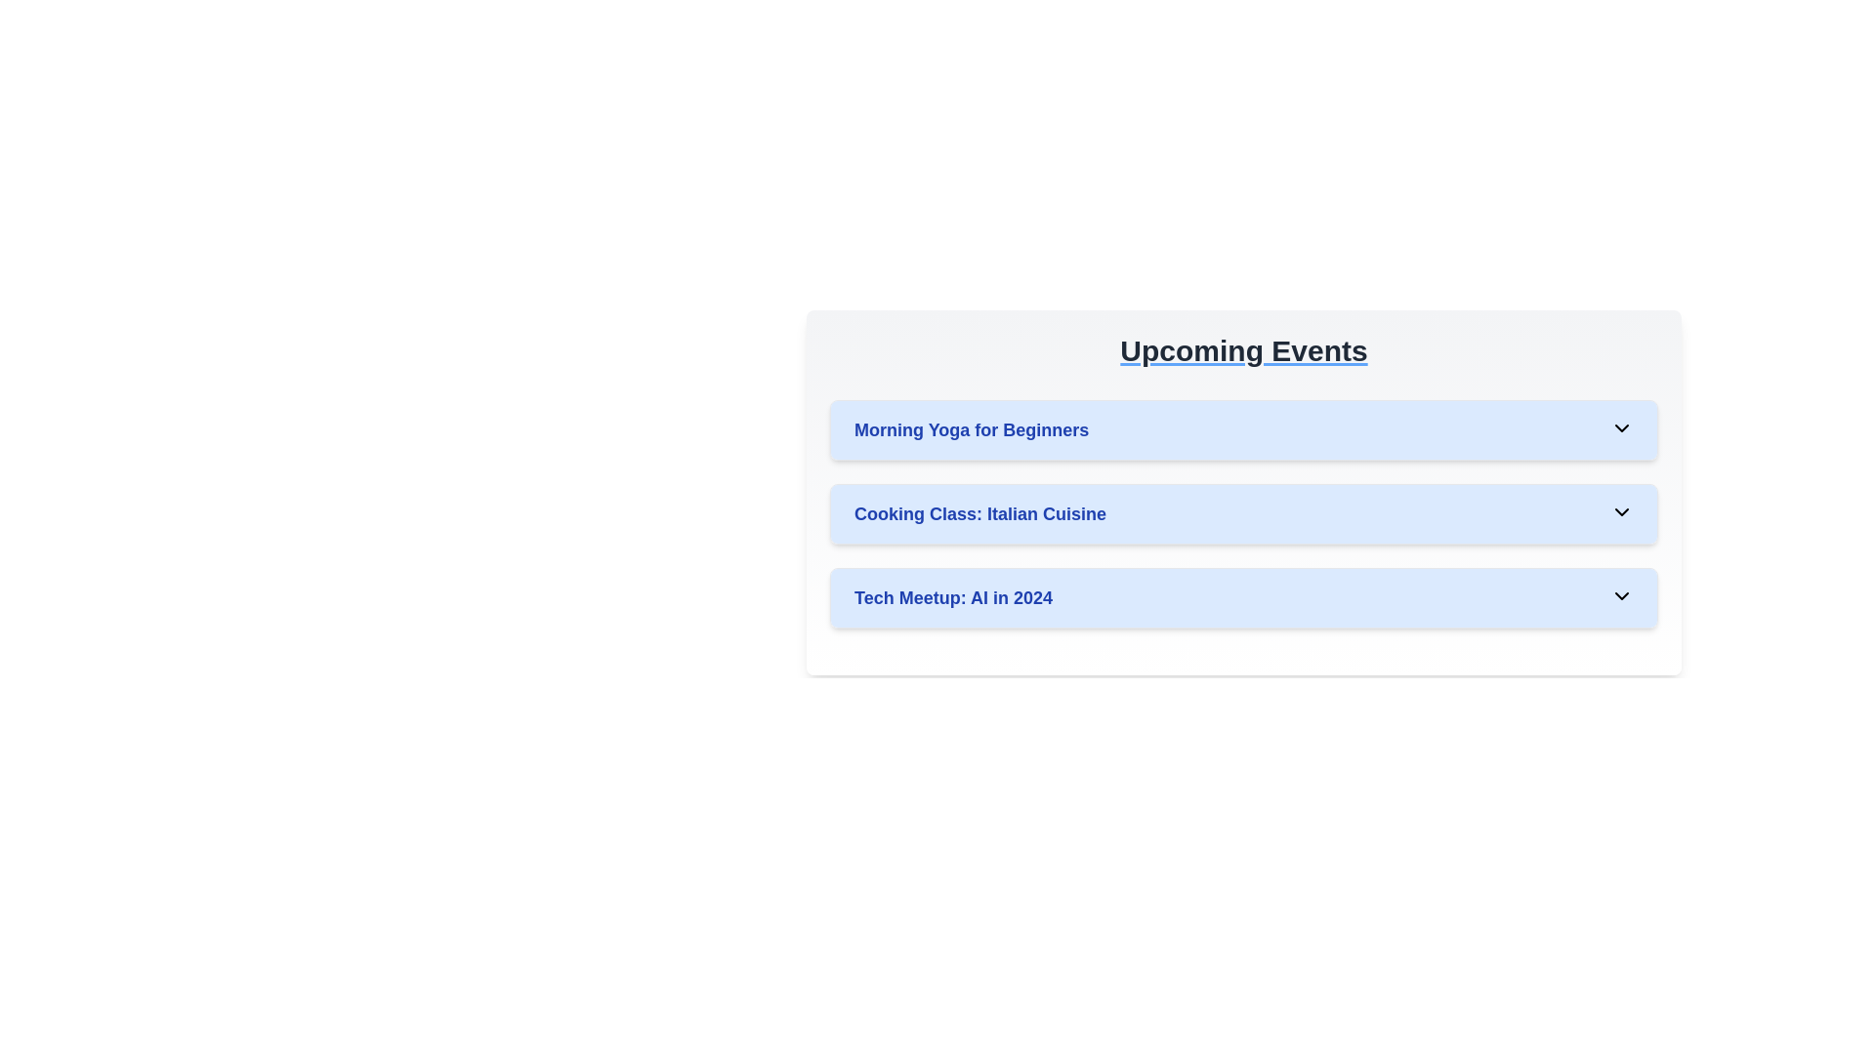  Describe the element at coordinates (1242, 597) in the screenshot. I see `the button that reveals more details about the 'Tech Meetup: AI in 2024' event in the 'Upcoming Events' section to change its background color` at that location.